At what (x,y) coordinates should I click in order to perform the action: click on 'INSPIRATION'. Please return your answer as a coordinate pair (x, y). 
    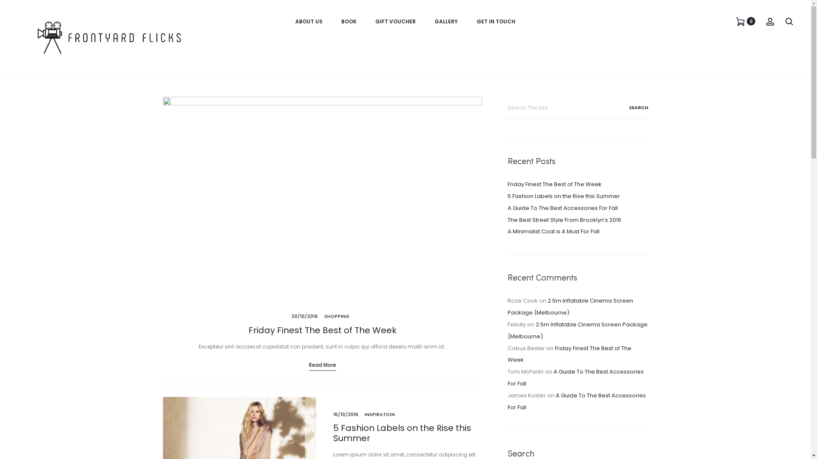
    Looking at the image, I should click on (379, 414).